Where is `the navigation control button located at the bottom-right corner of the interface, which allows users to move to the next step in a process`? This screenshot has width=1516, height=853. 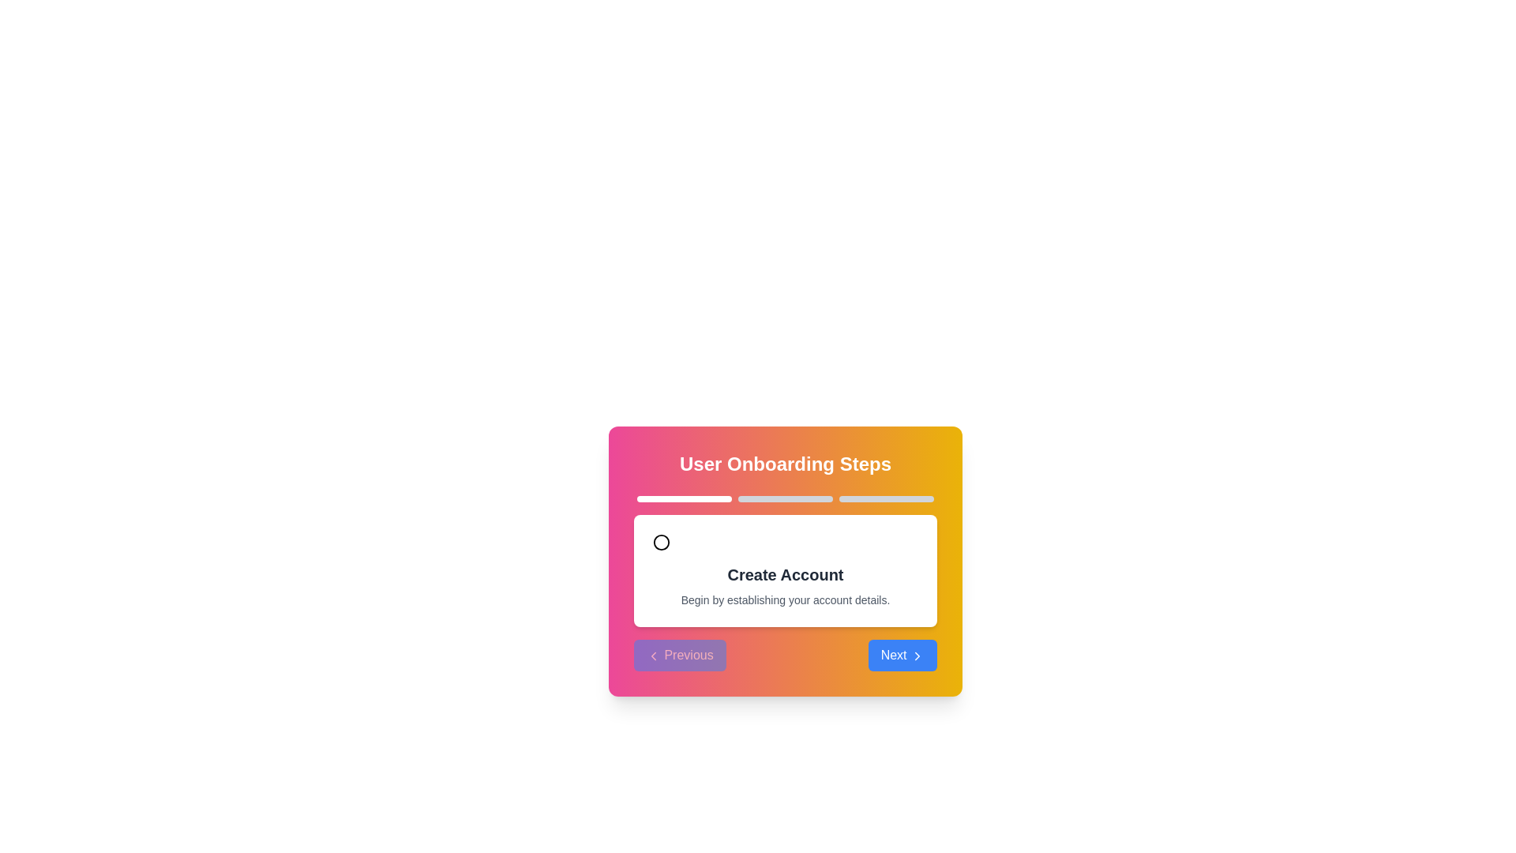
the navigation control button located at the bottom-right corner of the interface, which allows users to move to the next step in a process is located at coordinates (902, 655).